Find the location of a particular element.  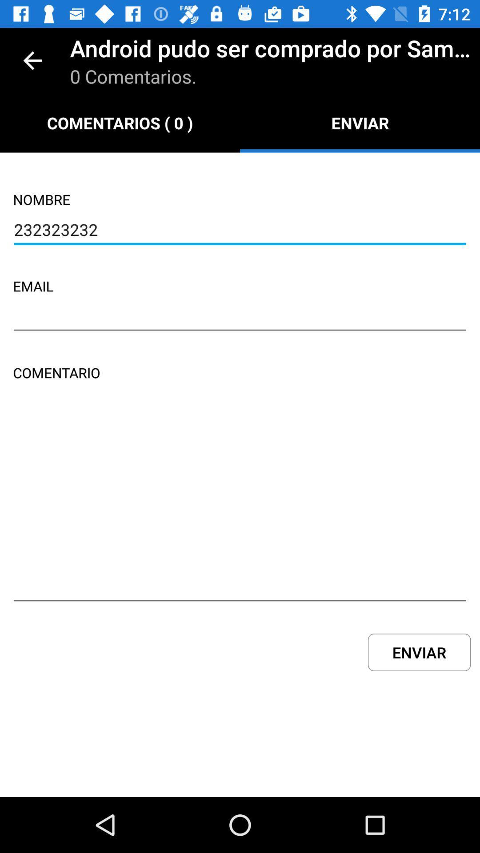

the item below comentario icon is located at coordinates (240, 505).